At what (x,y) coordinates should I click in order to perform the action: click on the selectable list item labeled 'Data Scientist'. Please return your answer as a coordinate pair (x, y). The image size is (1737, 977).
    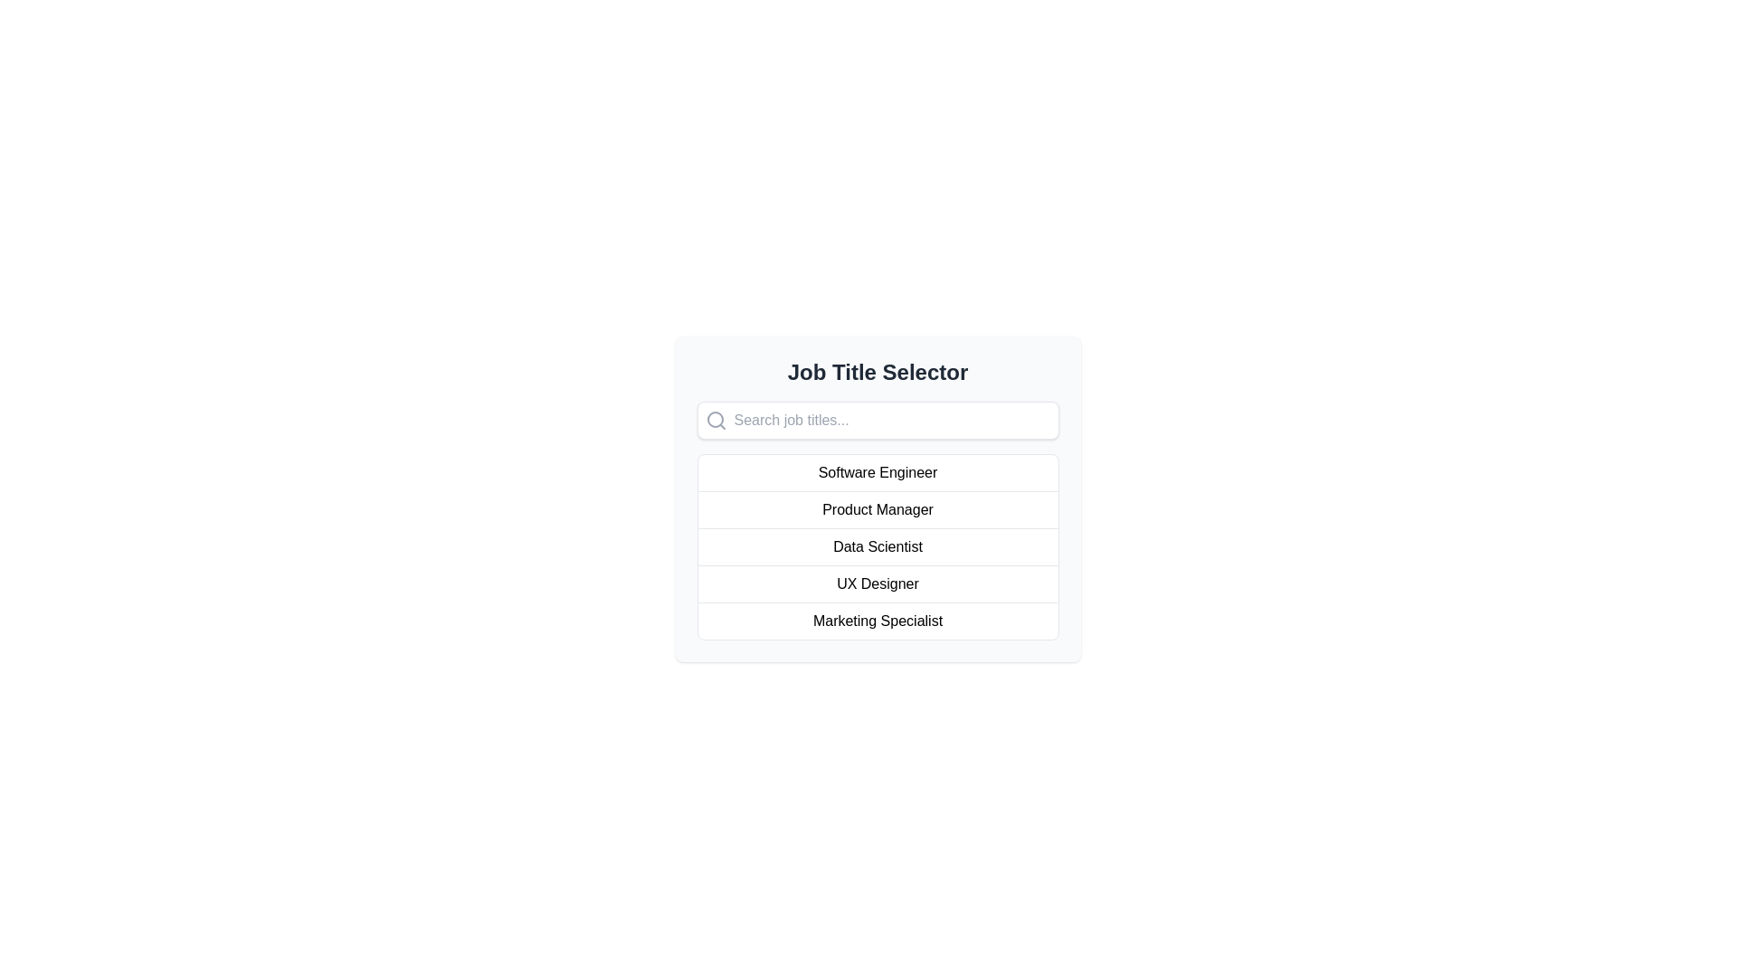
    Looking at the image, I should click on (878, 545).